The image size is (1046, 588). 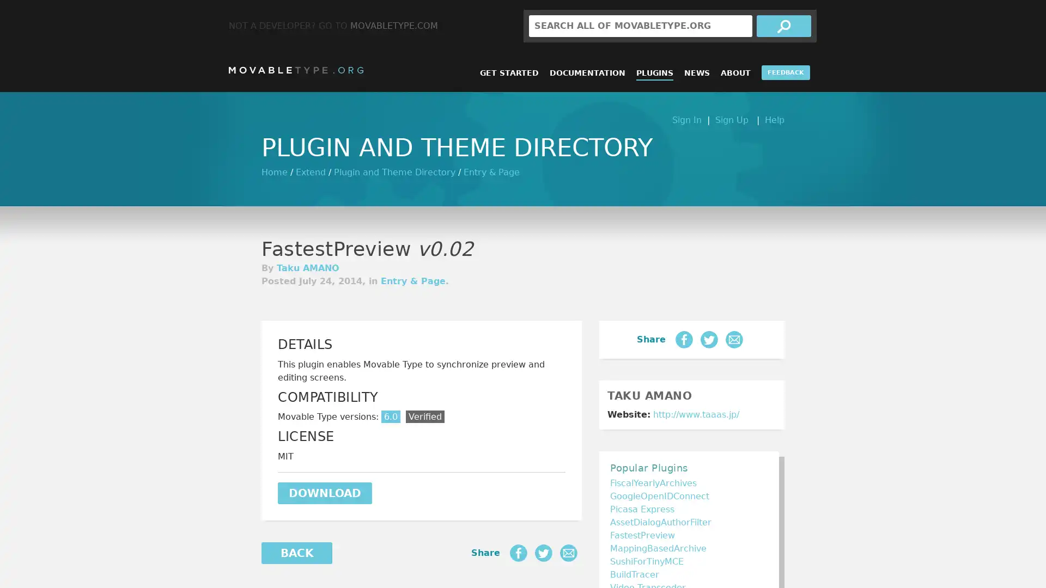 What do you see at coordinates (783, 25) in the screenshot?
I see `search` at bounding box center [783, 25].